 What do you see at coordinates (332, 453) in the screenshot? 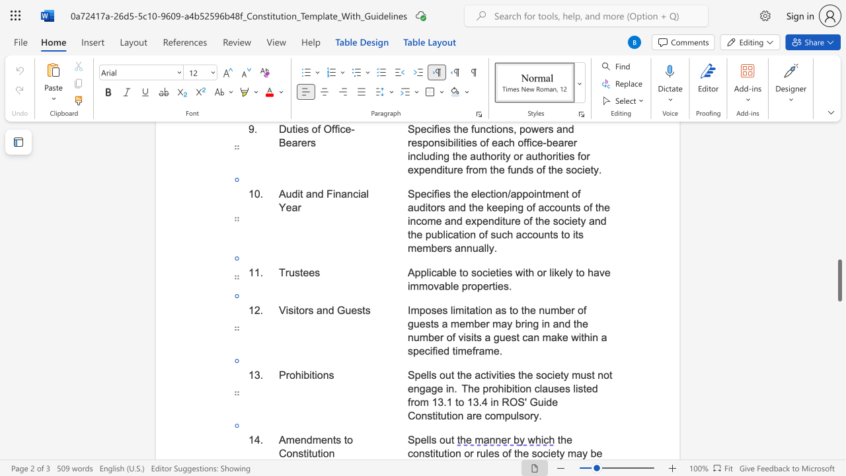
I see `the 4th character "n" in the text` at bounding box center [332, 453].